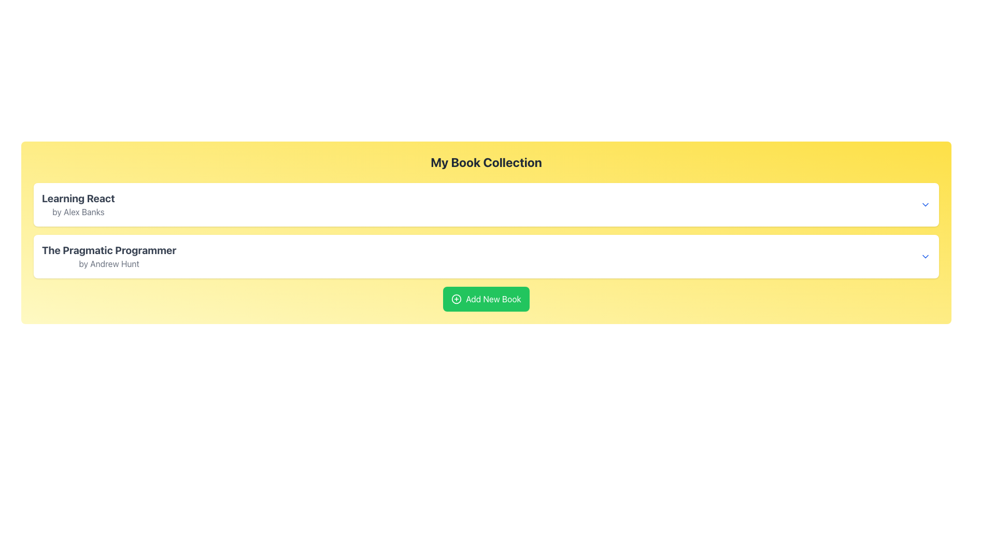 The height and width of the screenshot is (560, 995). What do you see at coordinates (78, 211) in the screenshot?
I see `the text label that reads 'by Alex Banks', which is styled in a smaller font size and slightly grayed color, located directly beneath the book title 'Learning React'` at bounding box center [78, 211].